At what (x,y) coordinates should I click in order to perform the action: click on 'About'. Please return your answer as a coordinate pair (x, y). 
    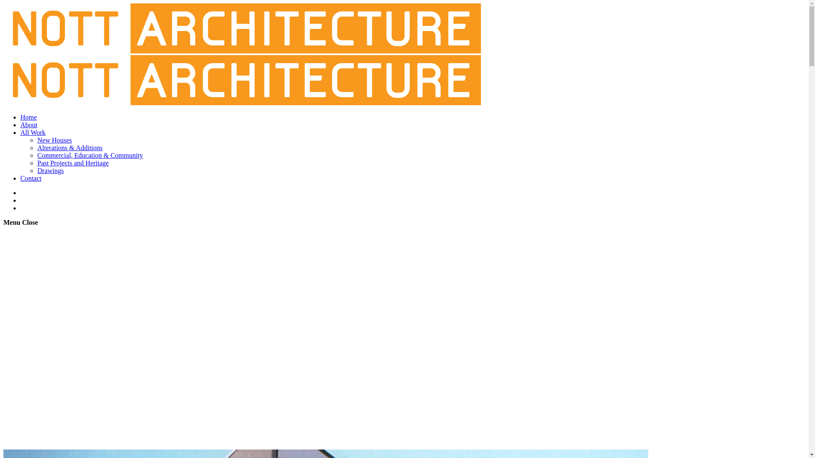
    Looking at the image, I should click on (28, 125).